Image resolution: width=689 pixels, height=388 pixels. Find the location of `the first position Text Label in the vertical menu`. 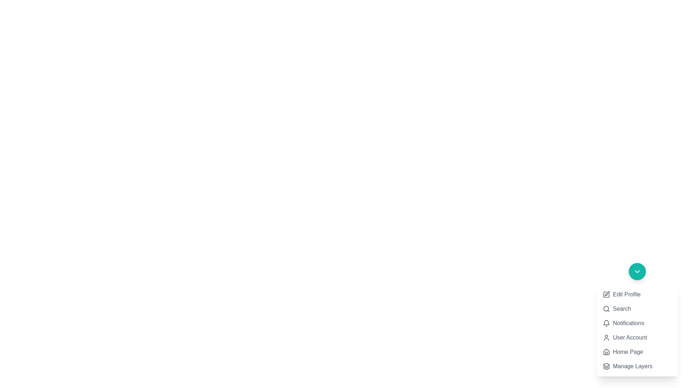

the first position Text Label in the vertical menu is located at coordinates (626, 295).